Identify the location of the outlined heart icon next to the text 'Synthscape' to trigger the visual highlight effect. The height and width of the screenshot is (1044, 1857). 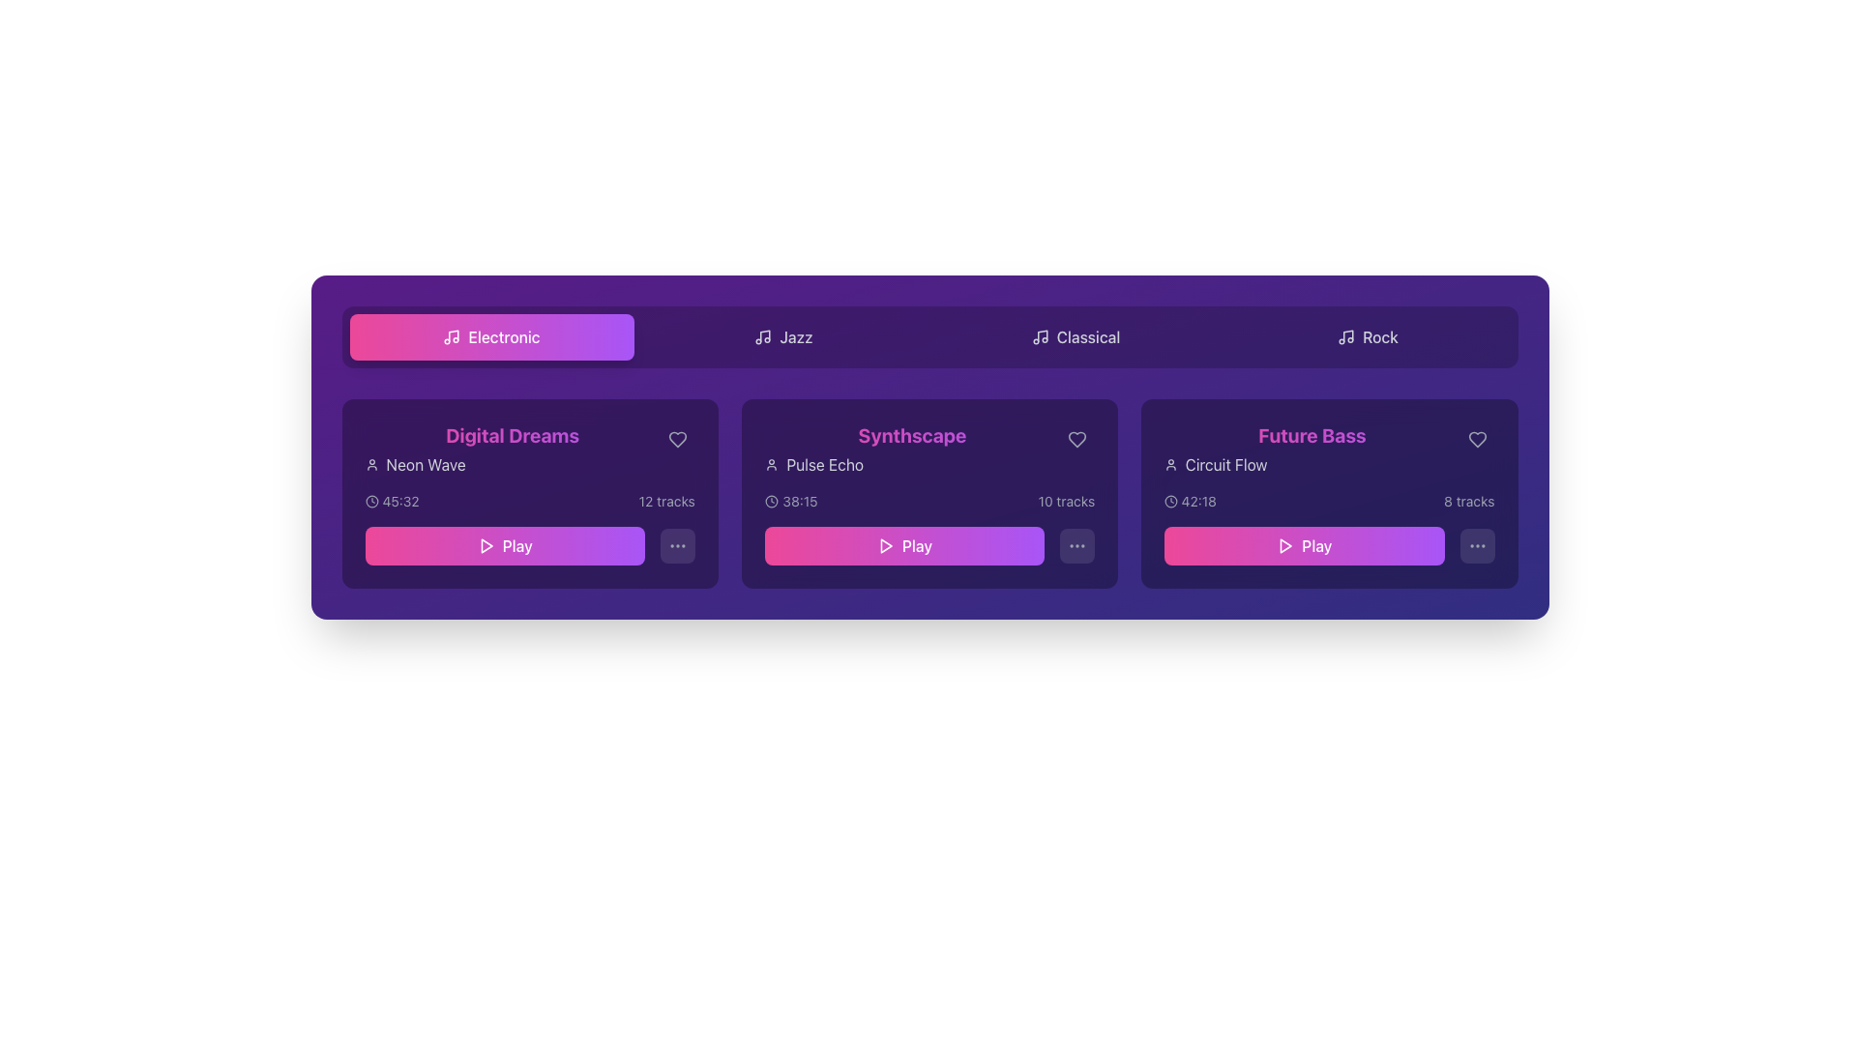
(1076, 440).